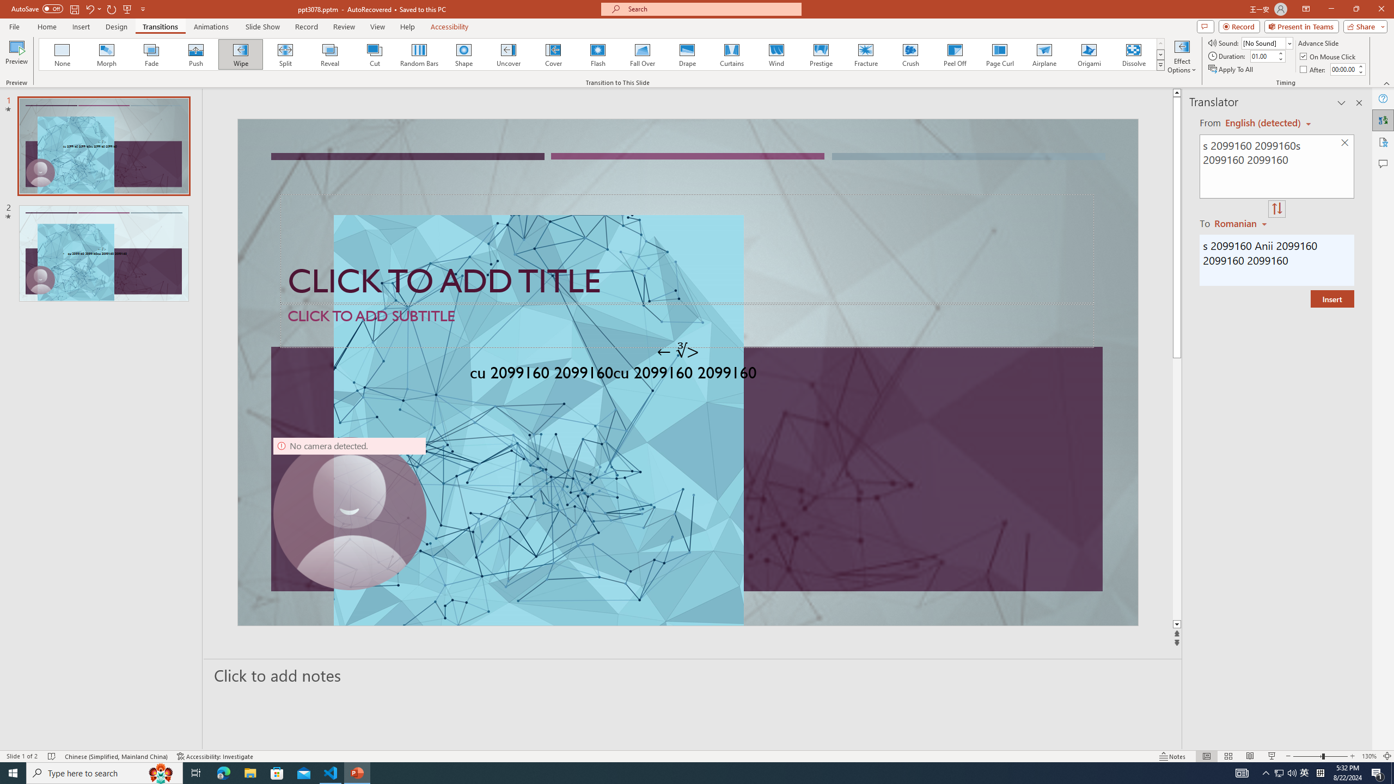 The image size is (1394, 784). Describe the element at coordinates (107, 54) in the screenshot. I see `'Morph'` at that location.